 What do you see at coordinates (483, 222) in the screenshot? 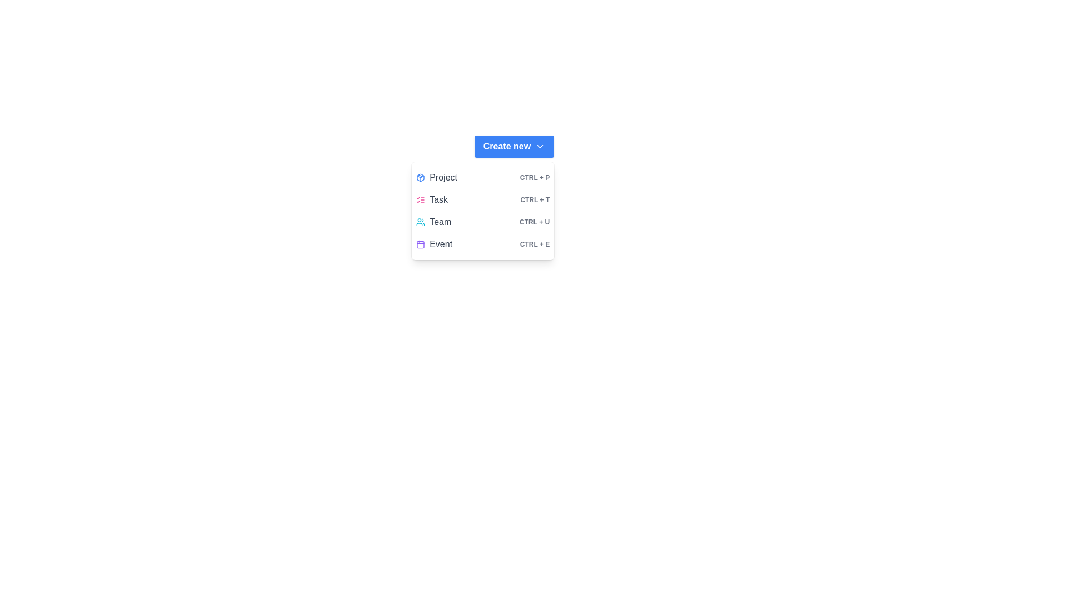
I see `the 'Team' menu item, which is the third entry in the vertical list of menu options` at bounding box center [483, 222].